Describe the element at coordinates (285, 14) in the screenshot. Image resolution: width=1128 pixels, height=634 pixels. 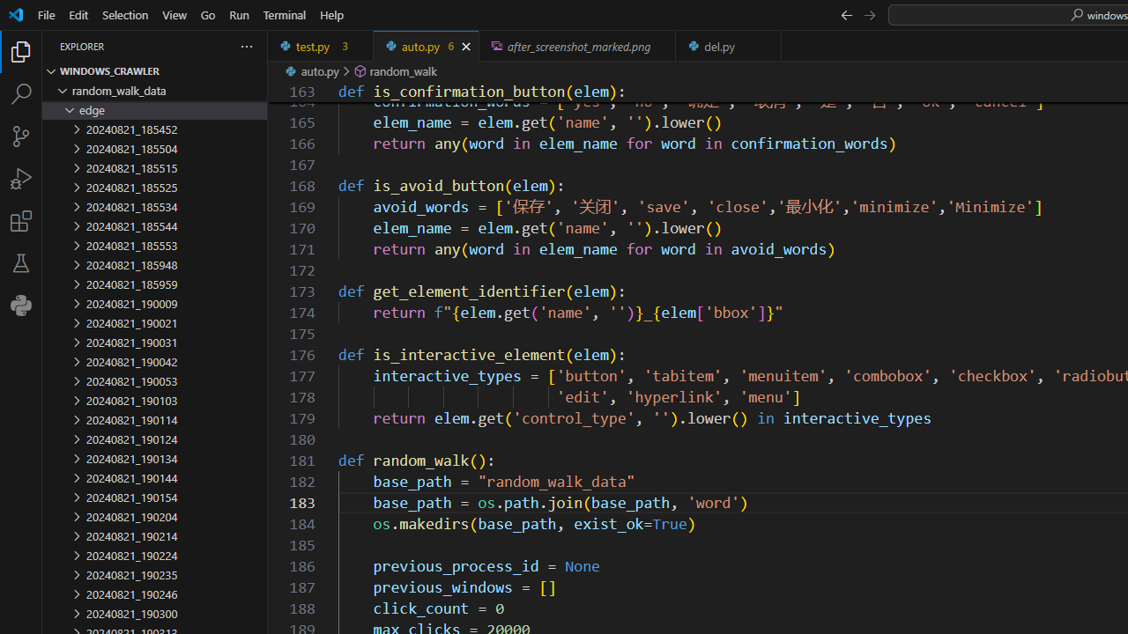
I see `'Terminal'` at that location.